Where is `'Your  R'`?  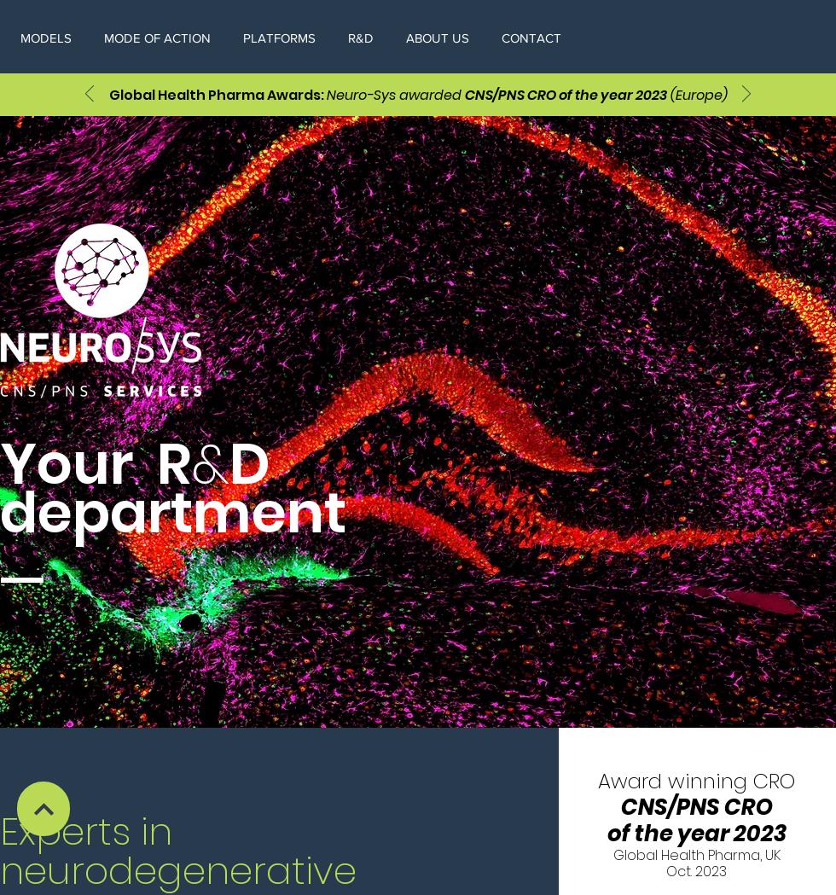 'Your  R' is located at coordinates (0, 464).